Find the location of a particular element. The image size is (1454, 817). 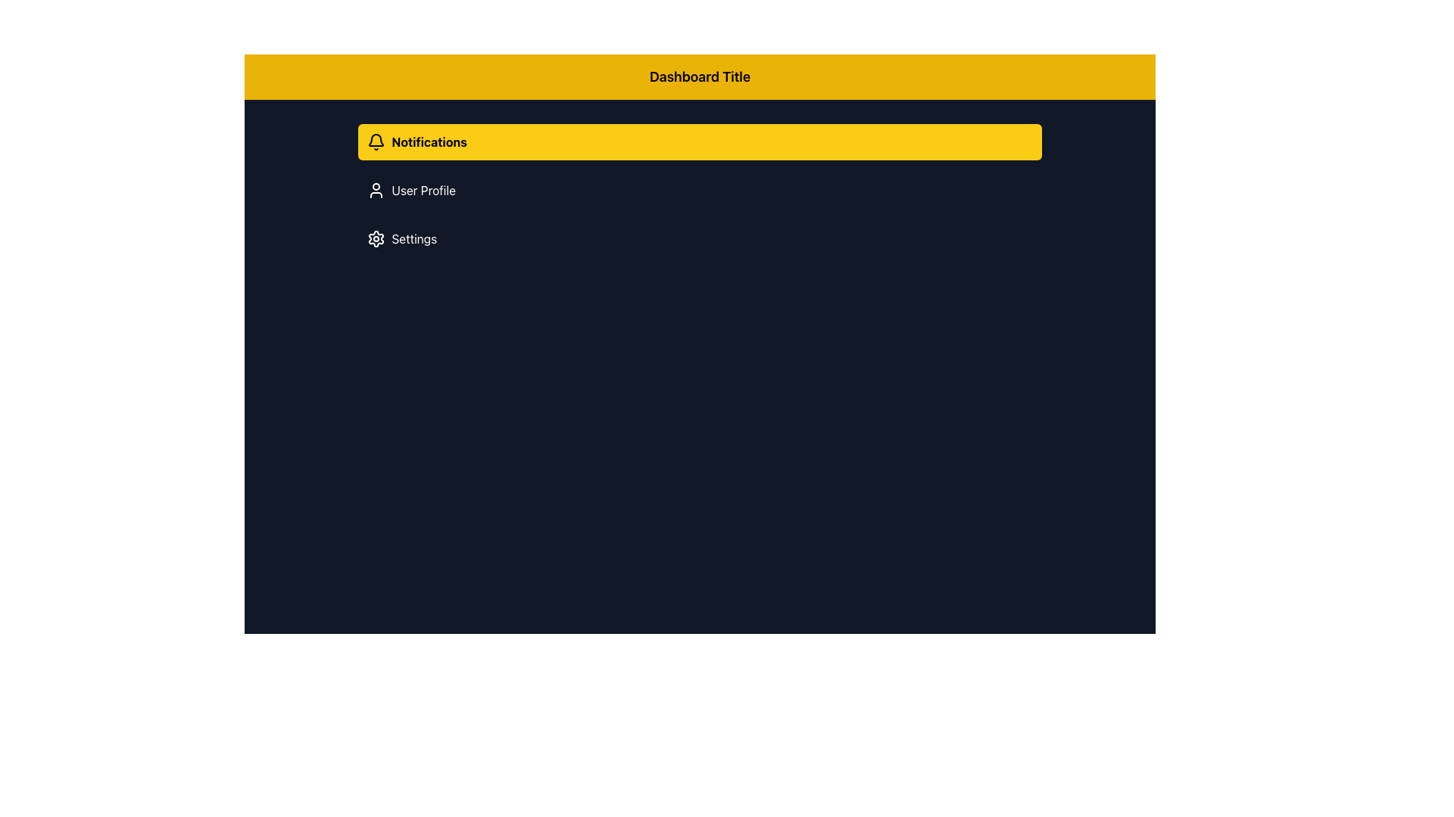

the Text Label that serves as a title for the dashboard, located centrally within the large yellow banner is located at coordinates (699, 76).